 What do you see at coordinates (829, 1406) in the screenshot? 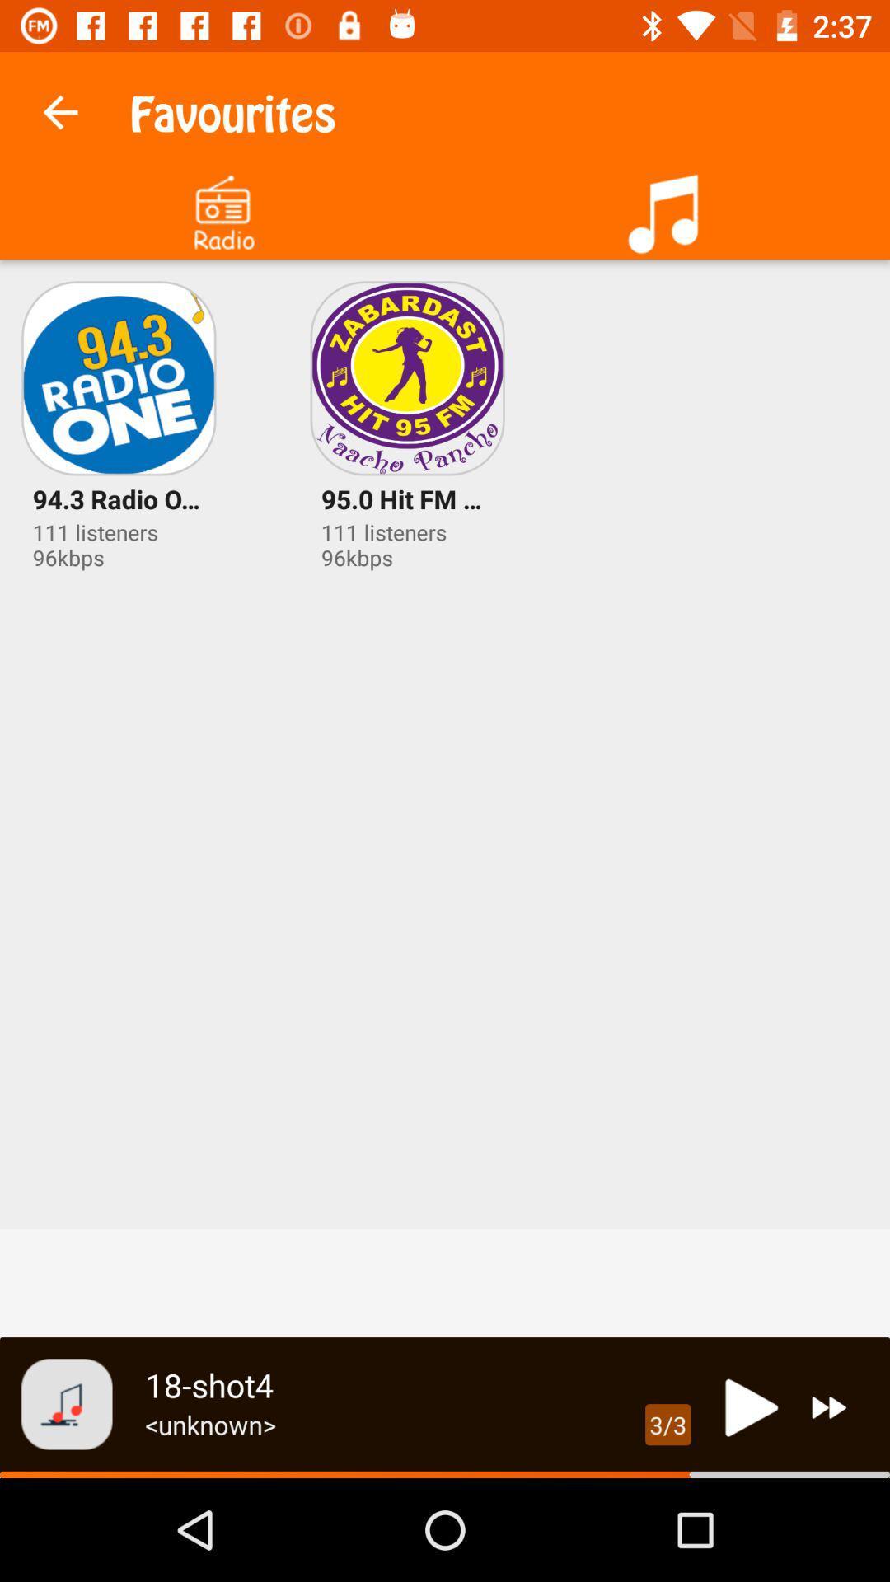
I see `the av_forward icon` at bounding box center [829, 1406].